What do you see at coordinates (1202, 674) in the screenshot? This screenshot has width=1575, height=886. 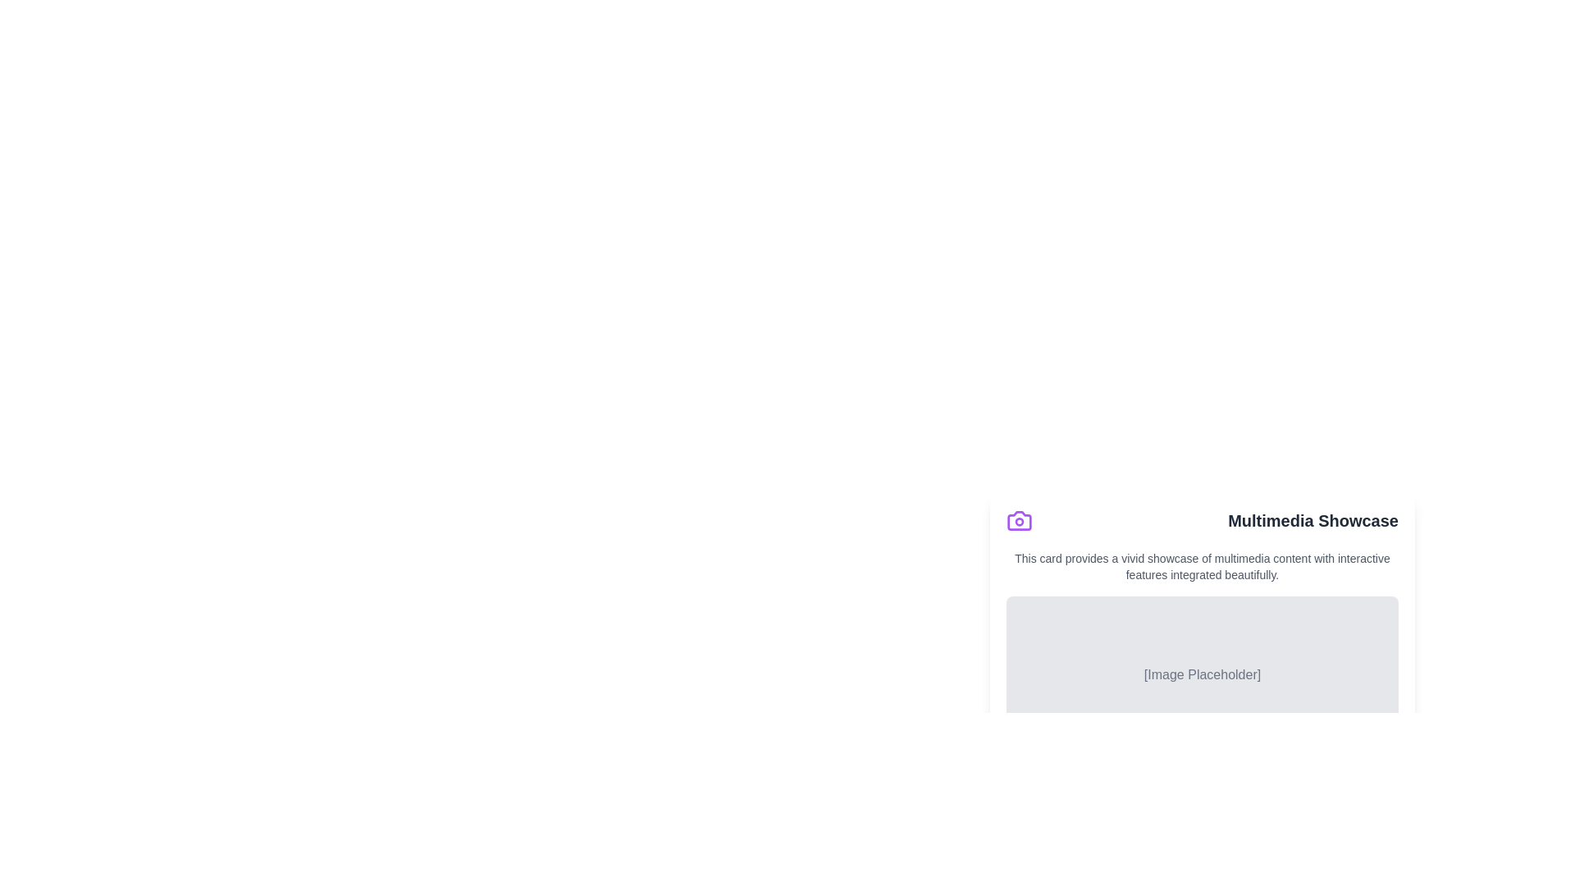 I see `the Image Placeholder that has a light gray background with rounded corners and contains the centered text '[Image Placeholder]'` at bounding box center [1202, 674].